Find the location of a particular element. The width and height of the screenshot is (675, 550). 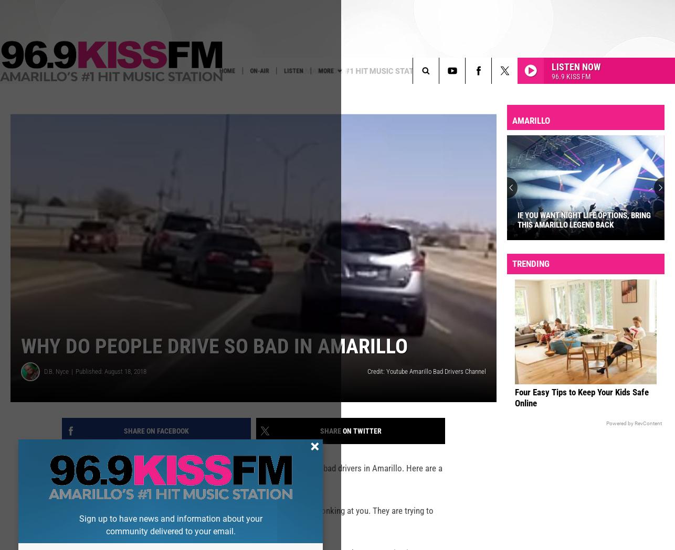

'Four Easy Tips to Keep Your Kids Safe Online' is located at coordinates (581, 414).